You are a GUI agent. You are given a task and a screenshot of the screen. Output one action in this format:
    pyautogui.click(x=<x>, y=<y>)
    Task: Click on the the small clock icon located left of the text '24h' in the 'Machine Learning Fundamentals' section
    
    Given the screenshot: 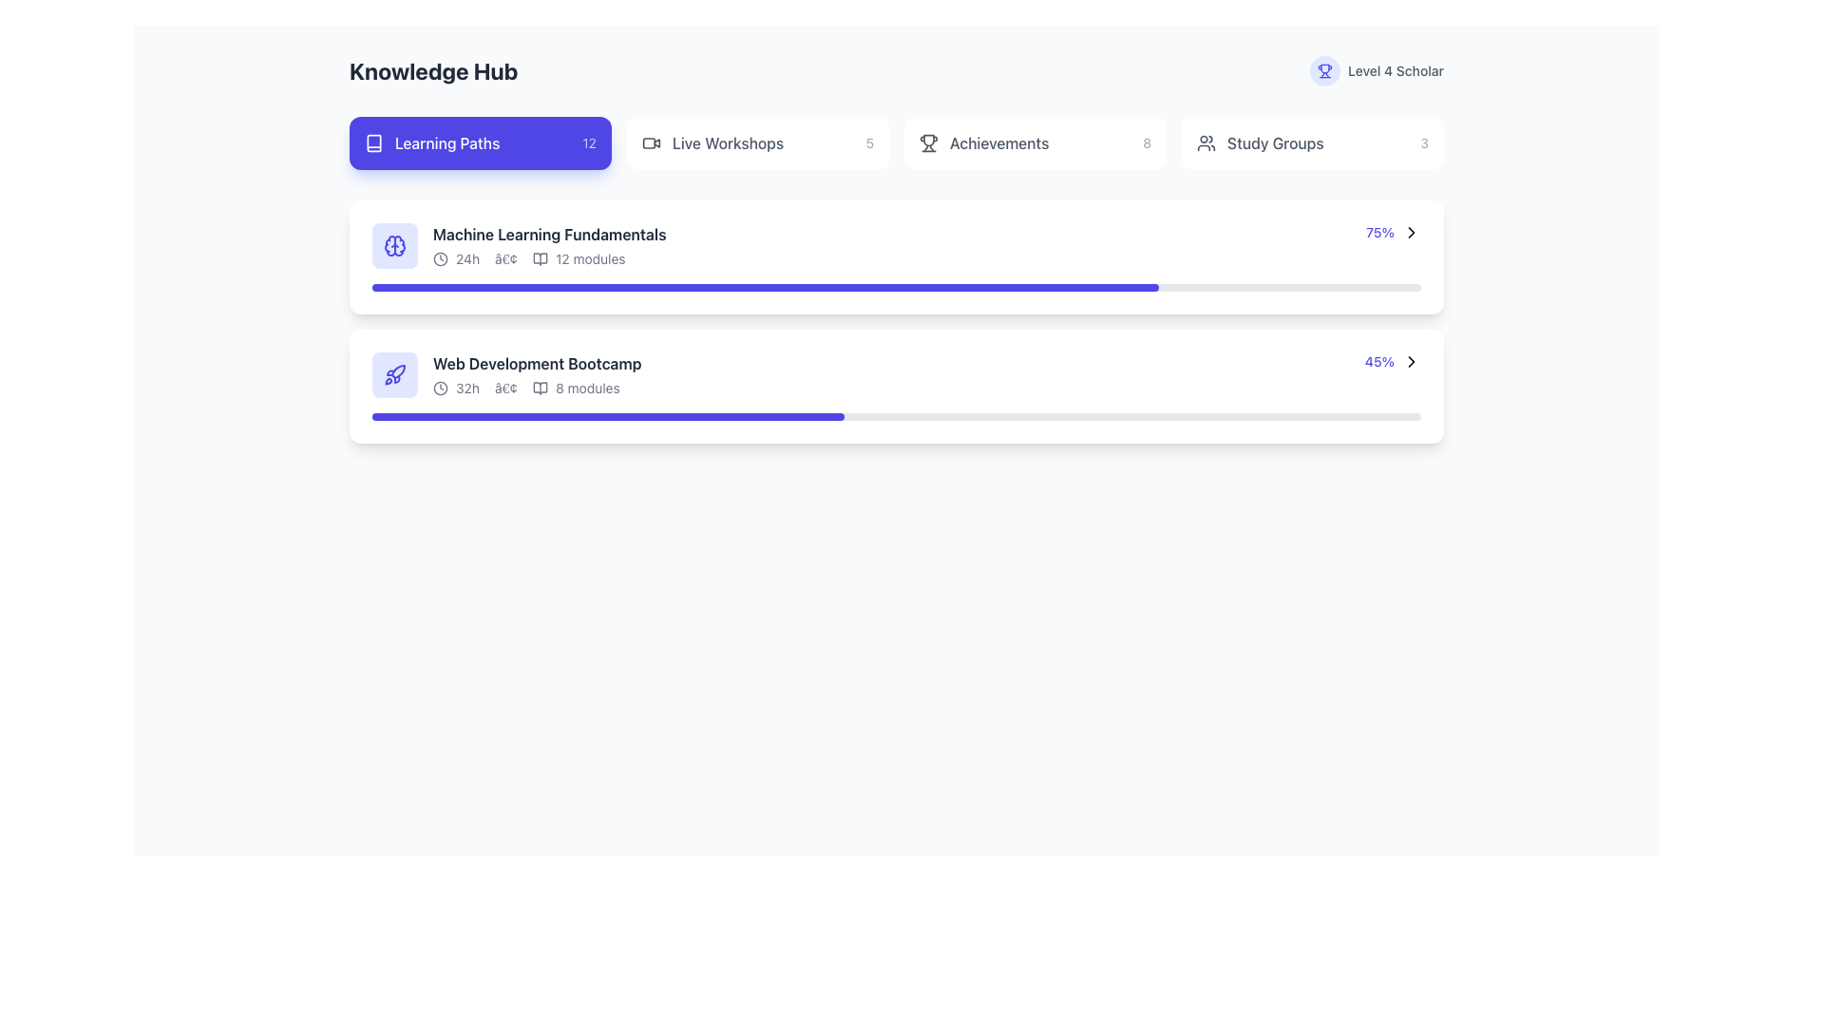 What is the action you would take?
    pyautogui.click(x=440, y=259)
    